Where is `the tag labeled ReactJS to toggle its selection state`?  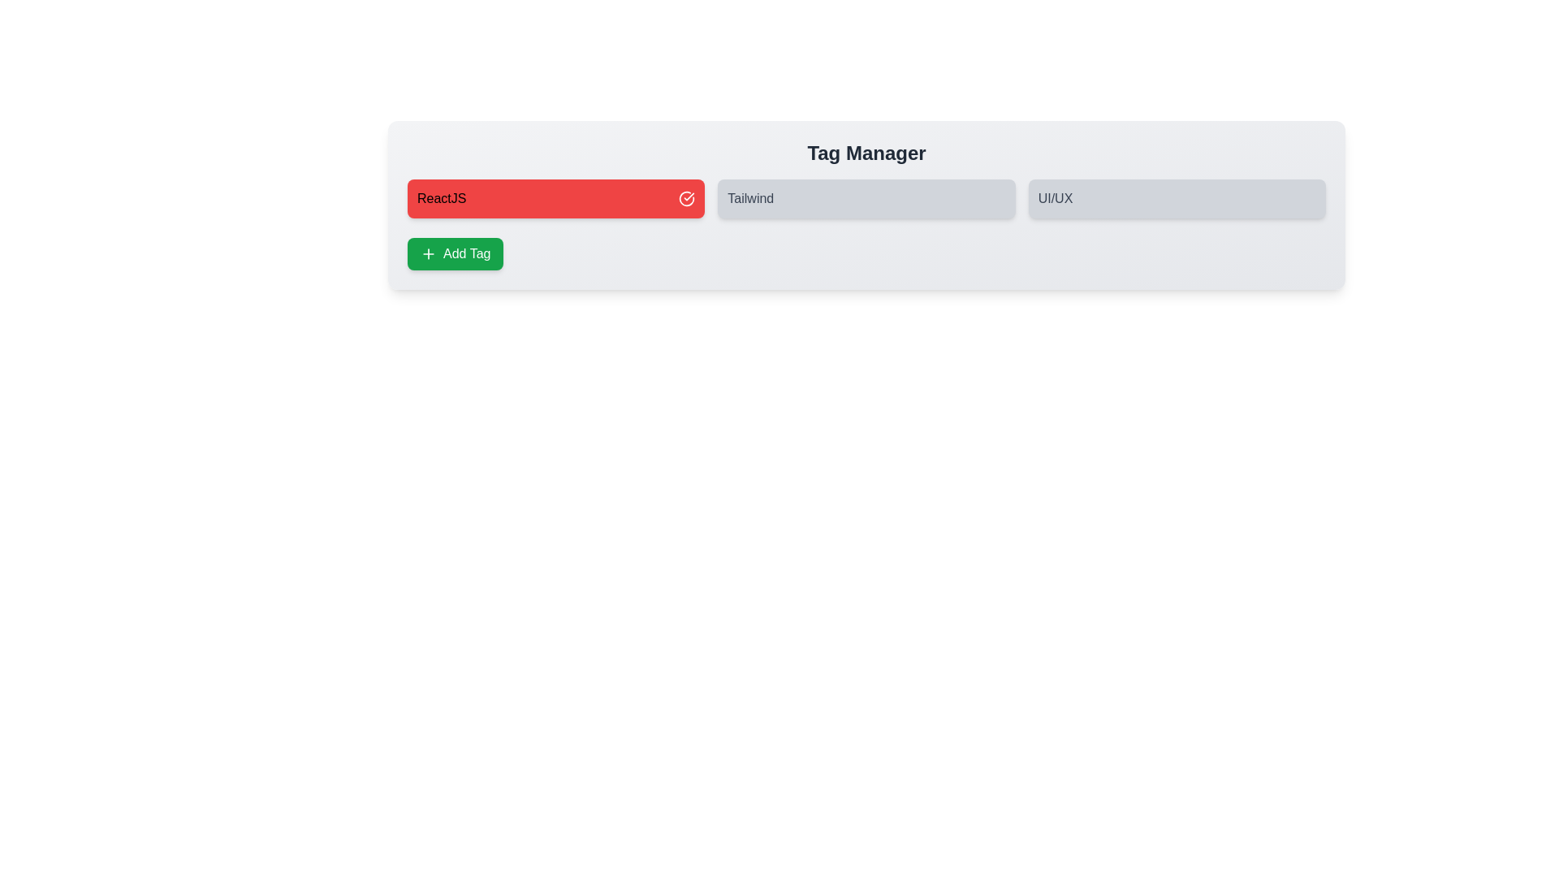
the tag labeled ReactJS to toggle its selection state is located at coordinates (556, 198).